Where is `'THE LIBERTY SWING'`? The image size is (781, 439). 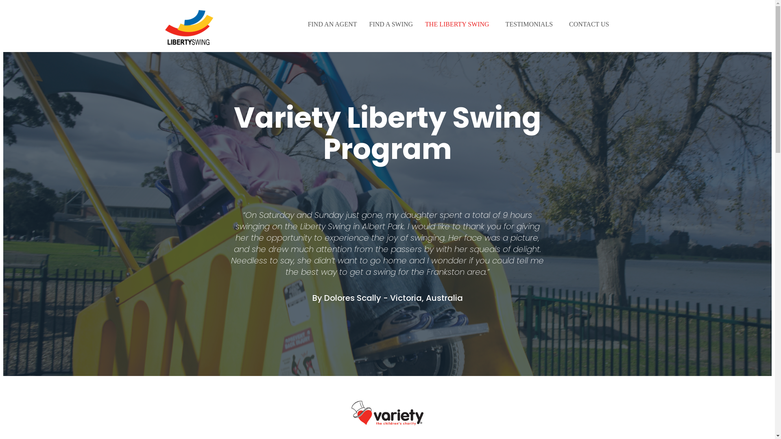
'THE LIBERTY SWING' is located at coordinates (459, 24).